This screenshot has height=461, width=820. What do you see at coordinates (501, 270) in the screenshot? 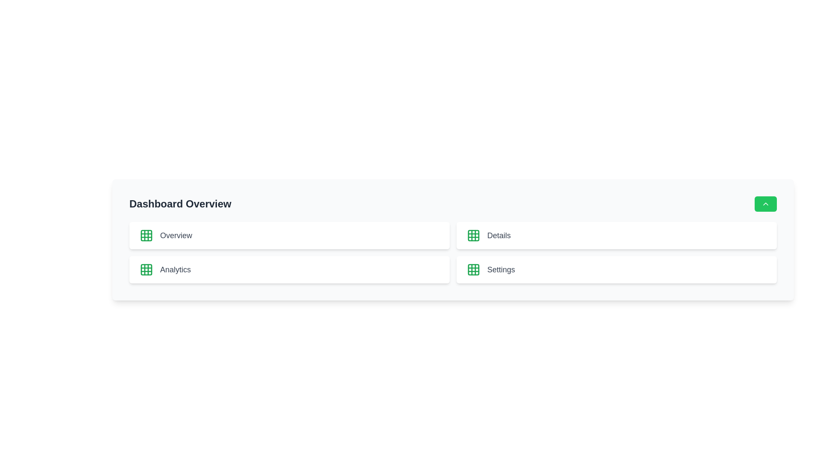
I see `the 'Settings' text label, which is displayed in a medium-sized gray font within a card-like structure in the second column of the second row, right-aligned with the 'Details' text above` at bounding box center [501, 270].